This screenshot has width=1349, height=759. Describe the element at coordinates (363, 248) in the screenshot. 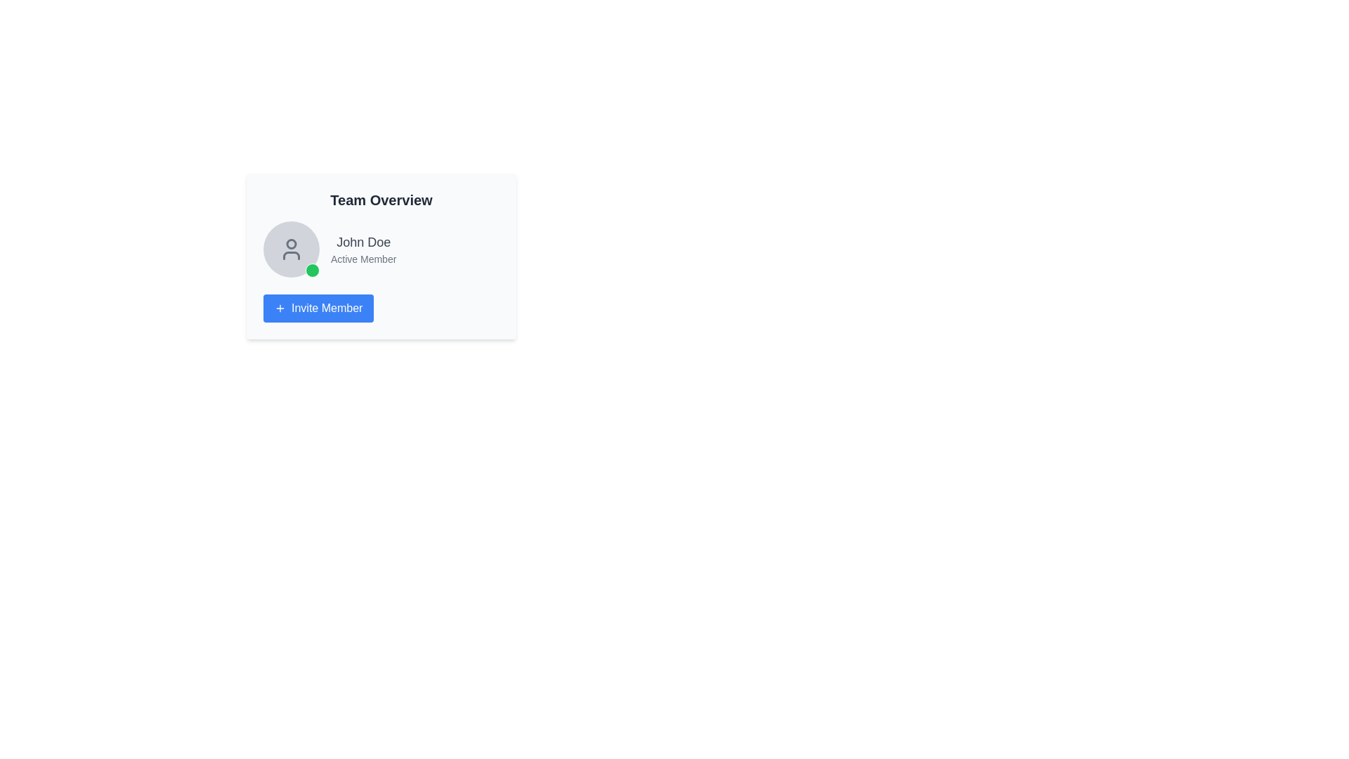

I see `text block element displaying 'John Doe' and 'Active Member', located in the center section of the 'Team Overview' card element, to gather information` at that location.